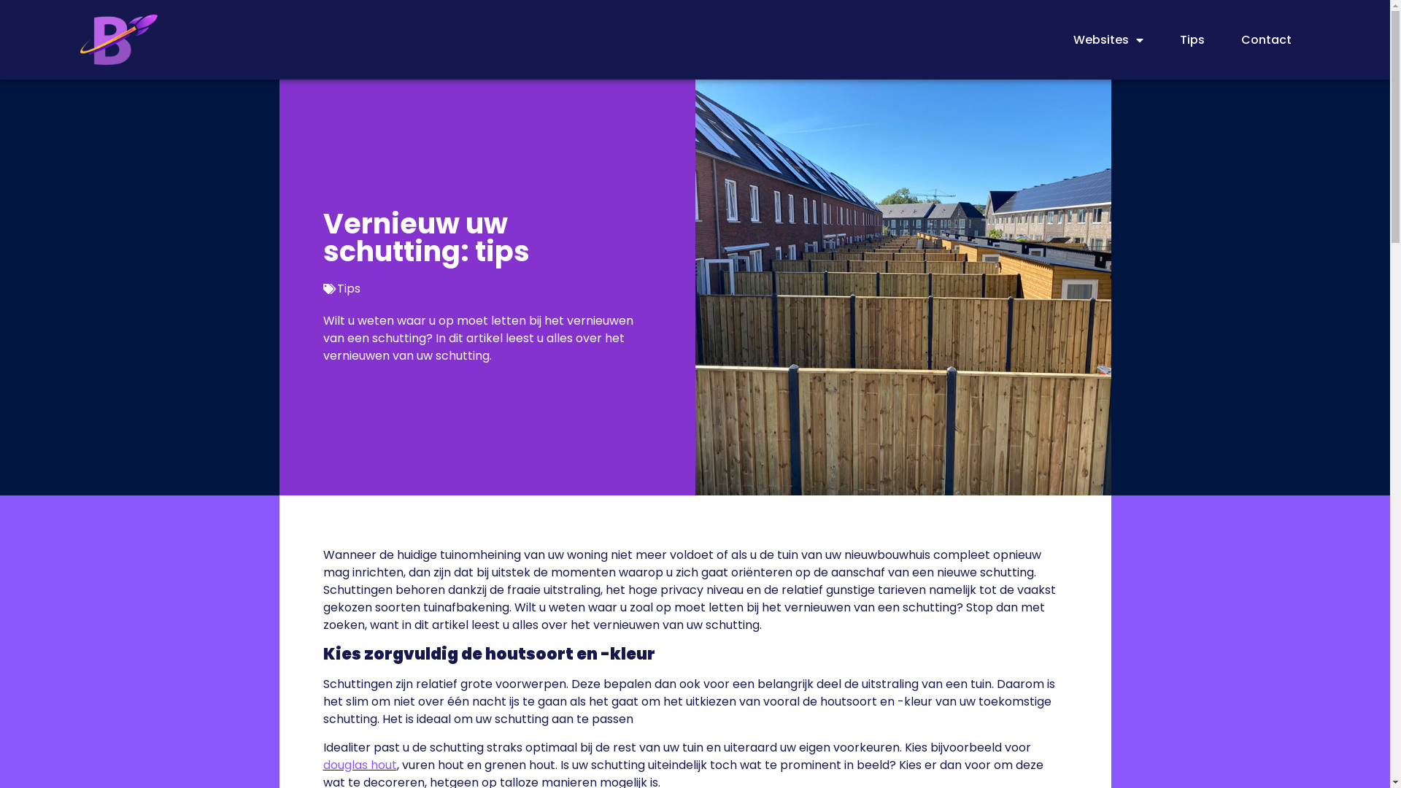 The width and height of the screenshot is (1401, 788). What do you see at coordinates (1265, 39) in the screenshot?
I see `'Contact'` at bounding box center [1265, 39].